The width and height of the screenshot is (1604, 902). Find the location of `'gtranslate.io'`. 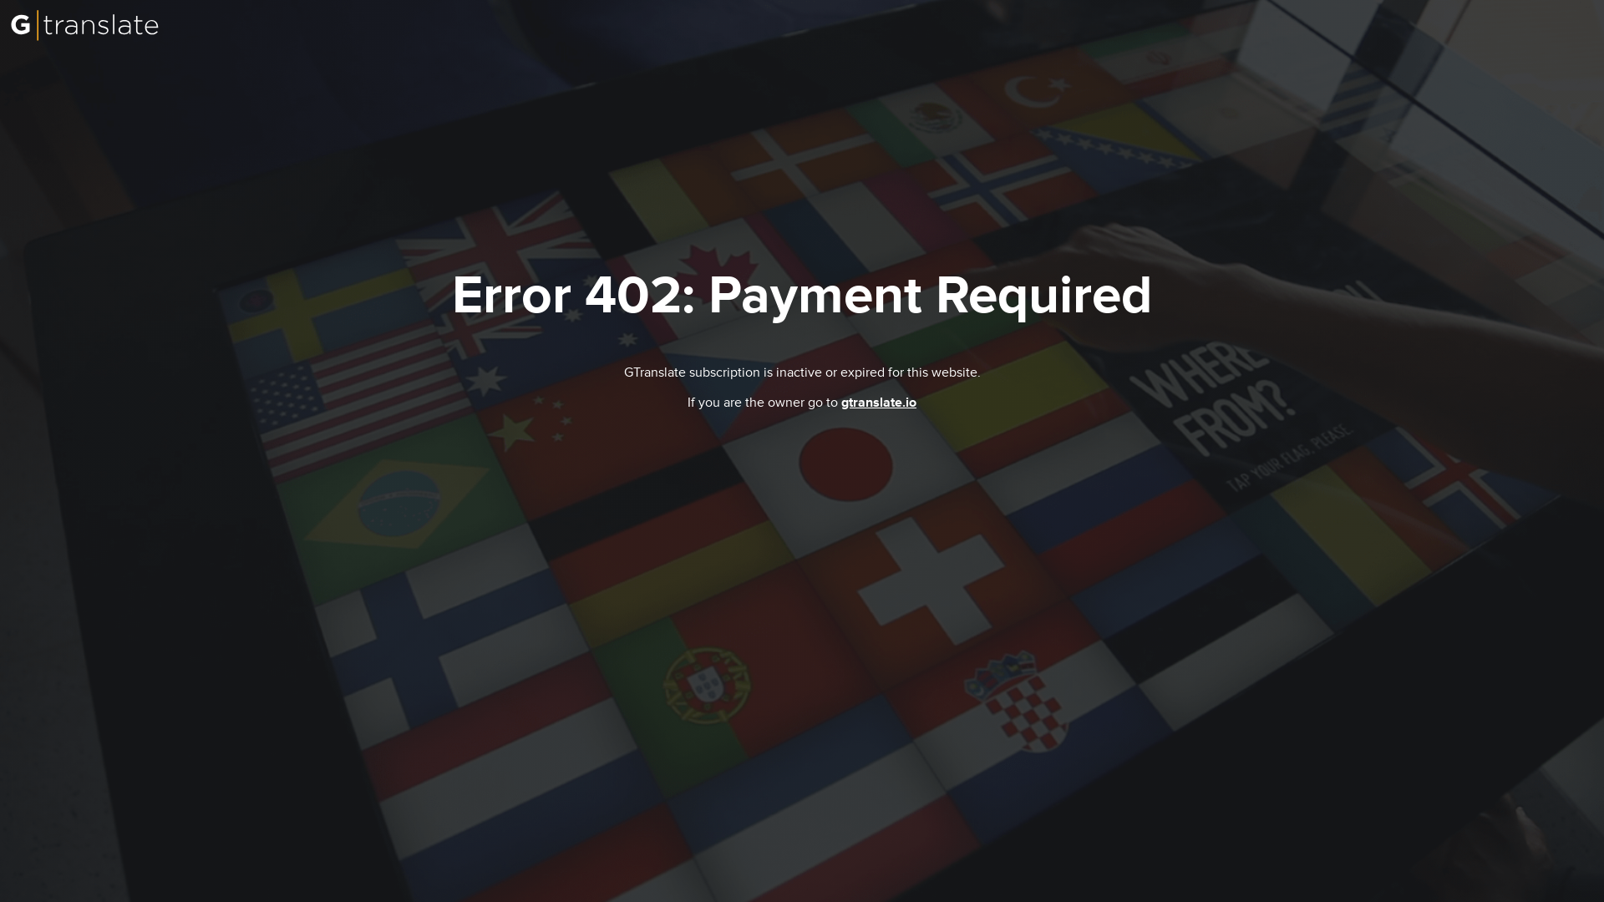

'gtranslate.io' is located at coordinates (877, 403).